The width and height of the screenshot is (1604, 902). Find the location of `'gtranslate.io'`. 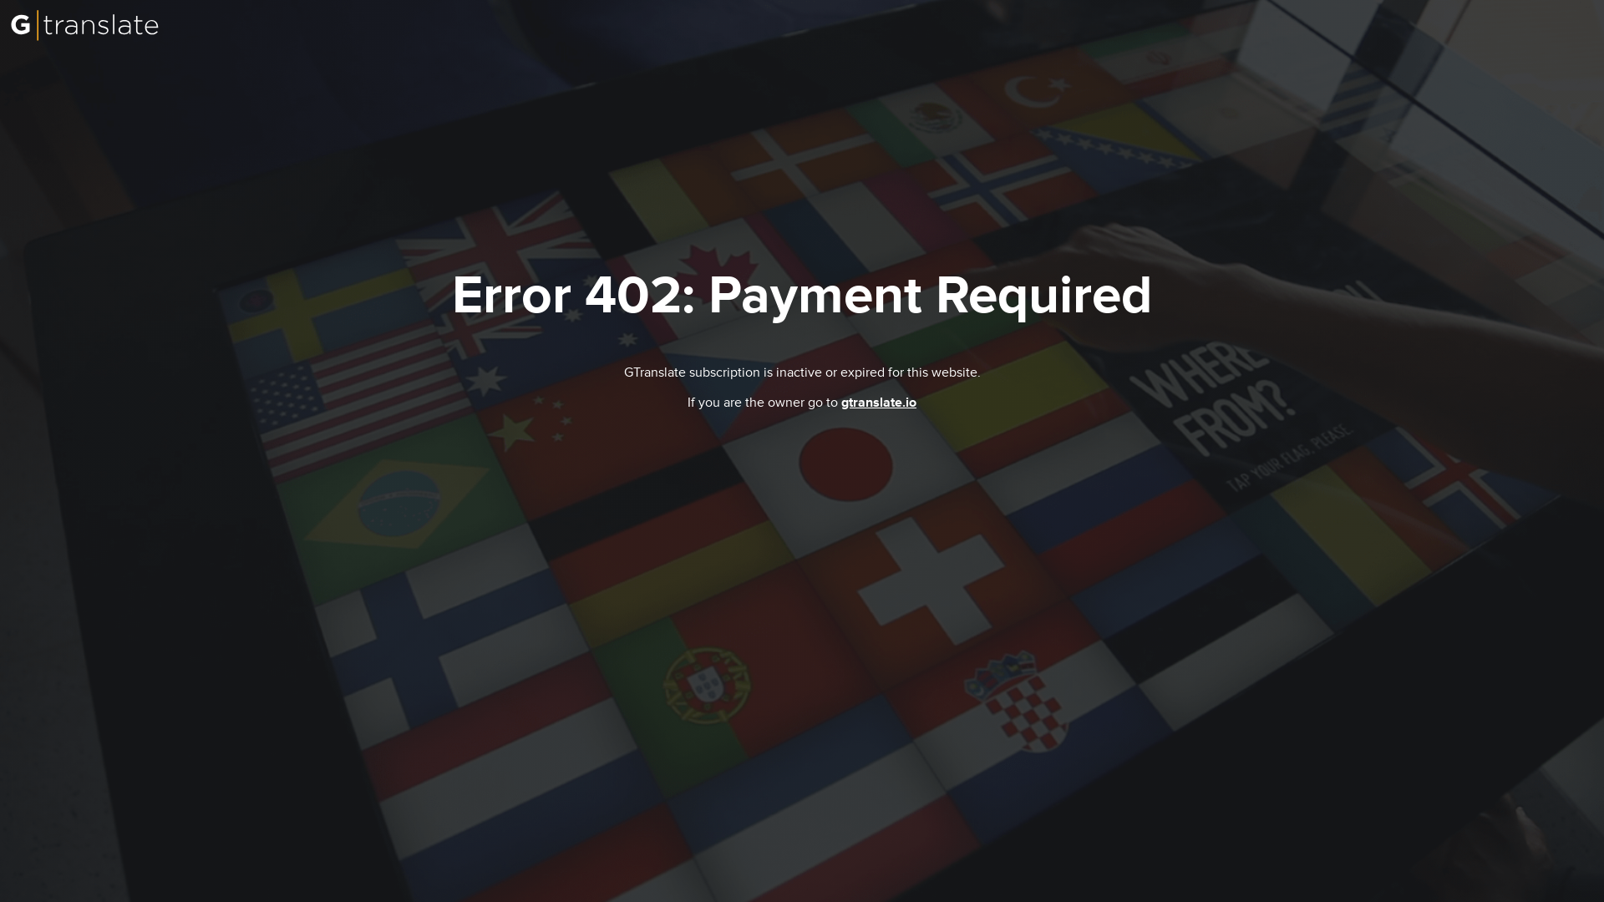

'gtranslate.io' is located at coordinates (877, 403).